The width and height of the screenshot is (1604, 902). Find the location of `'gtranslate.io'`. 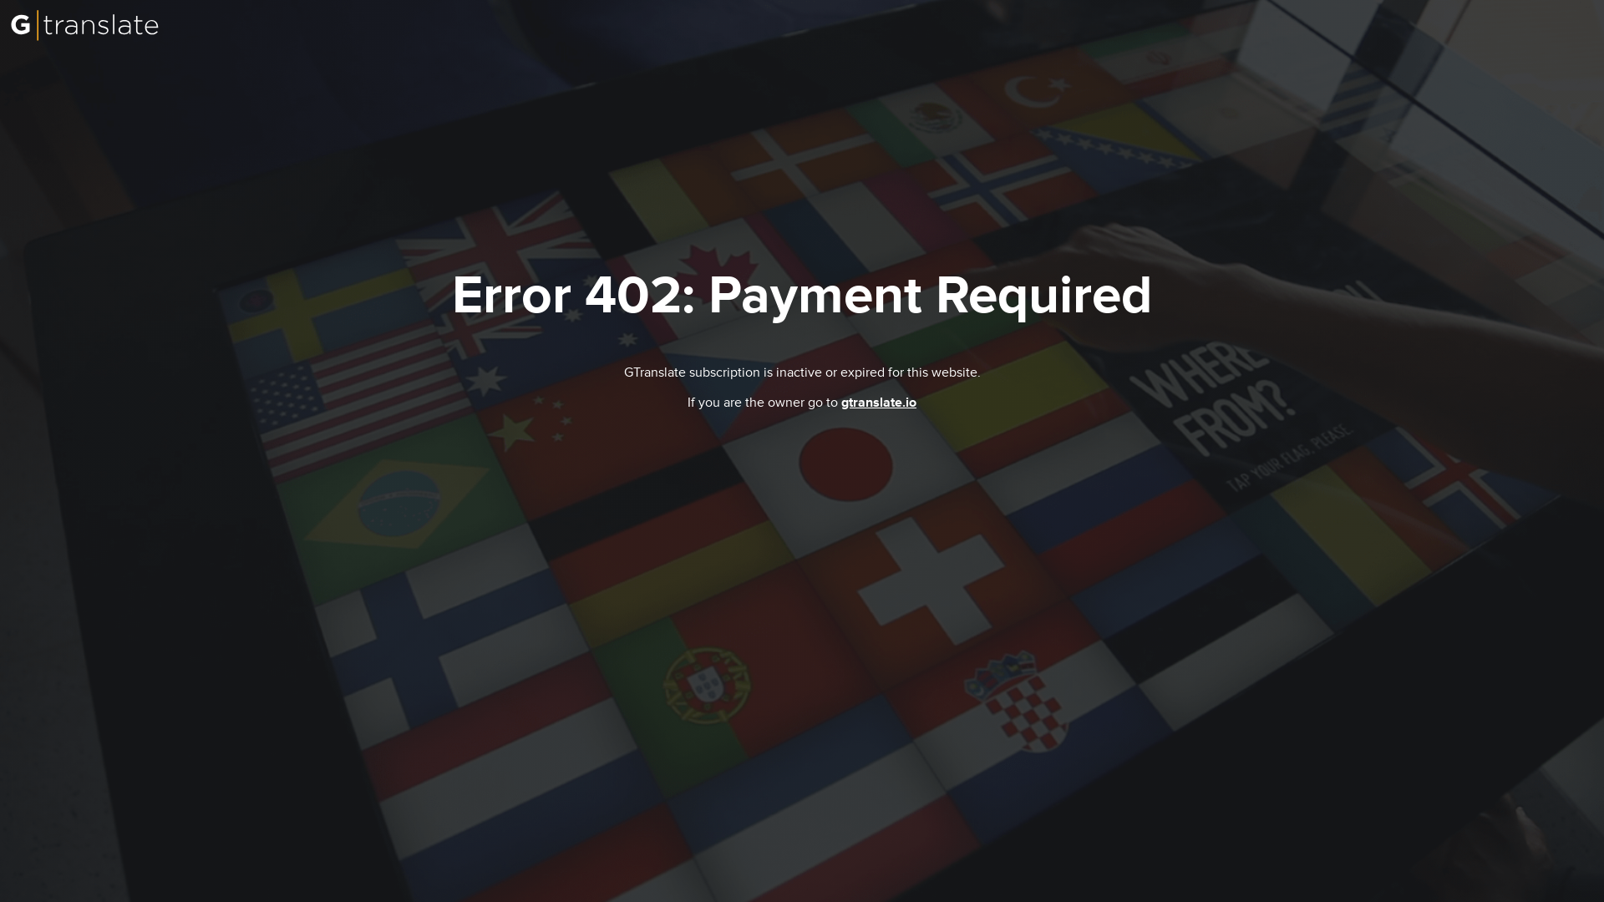

'gtranslate.io' is located at coordinates (877, 403).